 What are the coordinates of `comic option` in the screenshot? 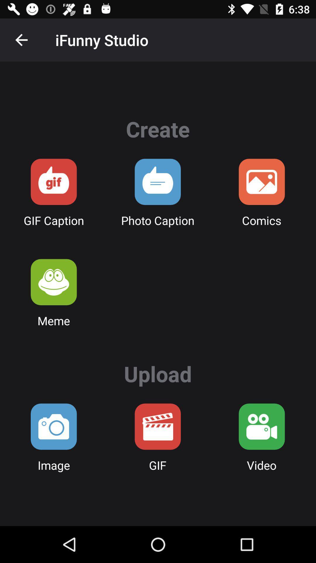 It's located at (261, 182).